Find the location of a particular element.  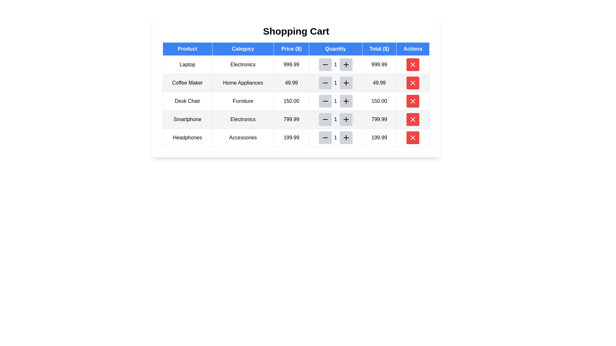

the '+' button in the 'Quantity' column of the 'Shopping Cart' table, located in the 'Headphones' row, via keyboard navigation is located at coordinates (346, 137).